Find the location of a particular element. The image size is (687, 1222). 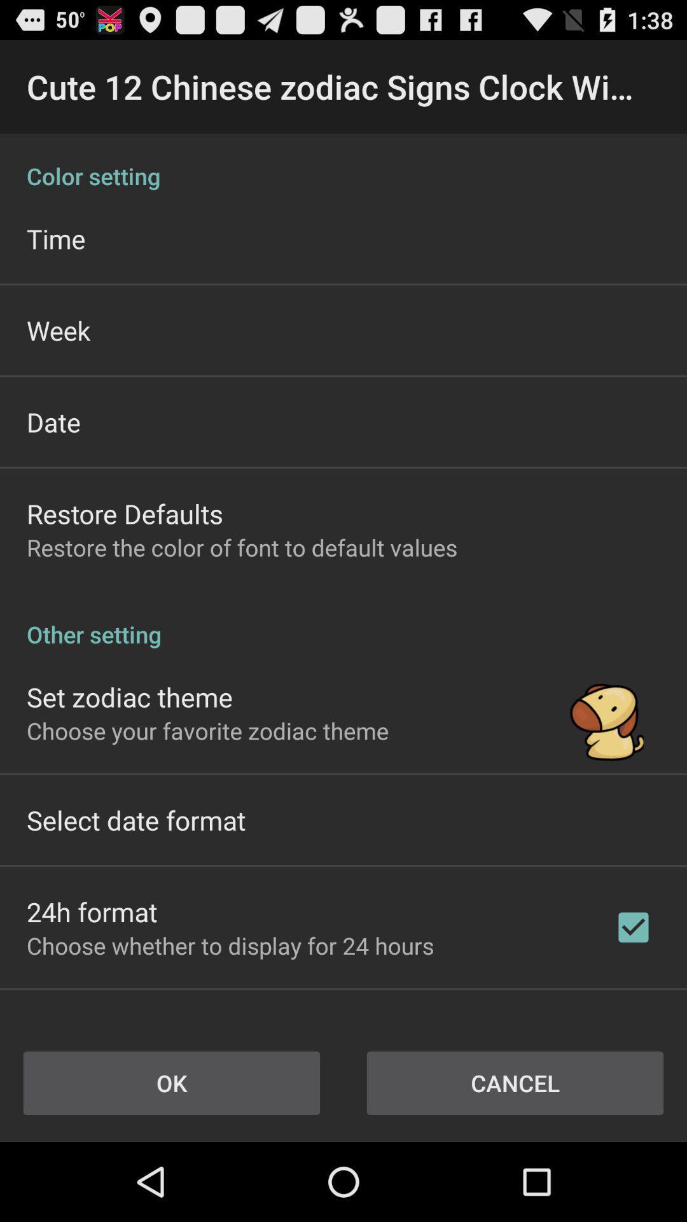

cancel button is located at coordinates (515, 1083).